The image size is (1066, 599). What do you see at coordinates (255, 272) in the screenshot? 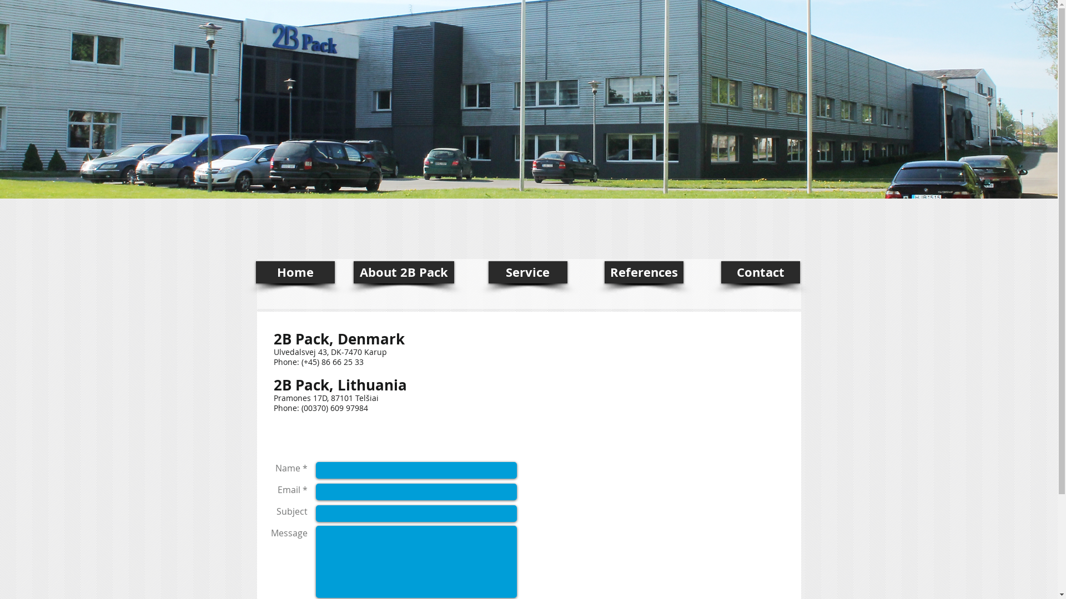
I see `'Home'` at bounding box center [255, 272].